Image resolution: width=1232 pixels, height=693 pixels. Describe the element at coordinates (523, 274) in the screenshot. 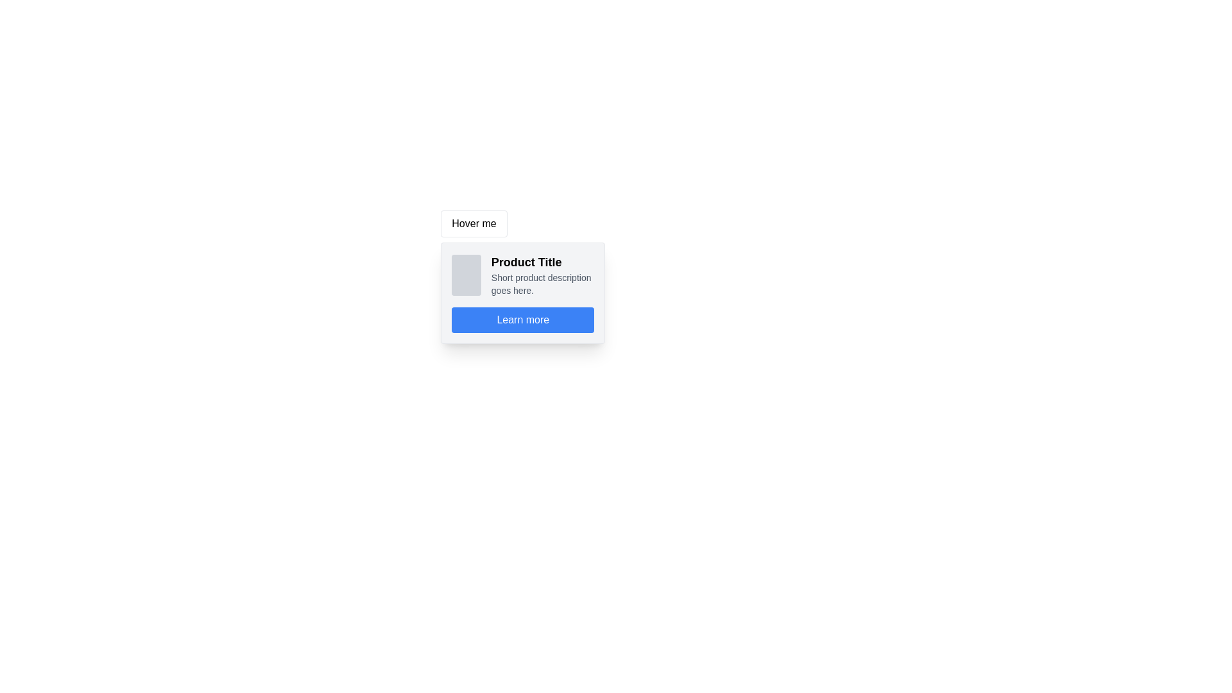

I see `the Card or Information Block that displays product information, located in the tooltip-like component, positioned above the 'Learn more' button and below the 'Hover me' label` at that location.